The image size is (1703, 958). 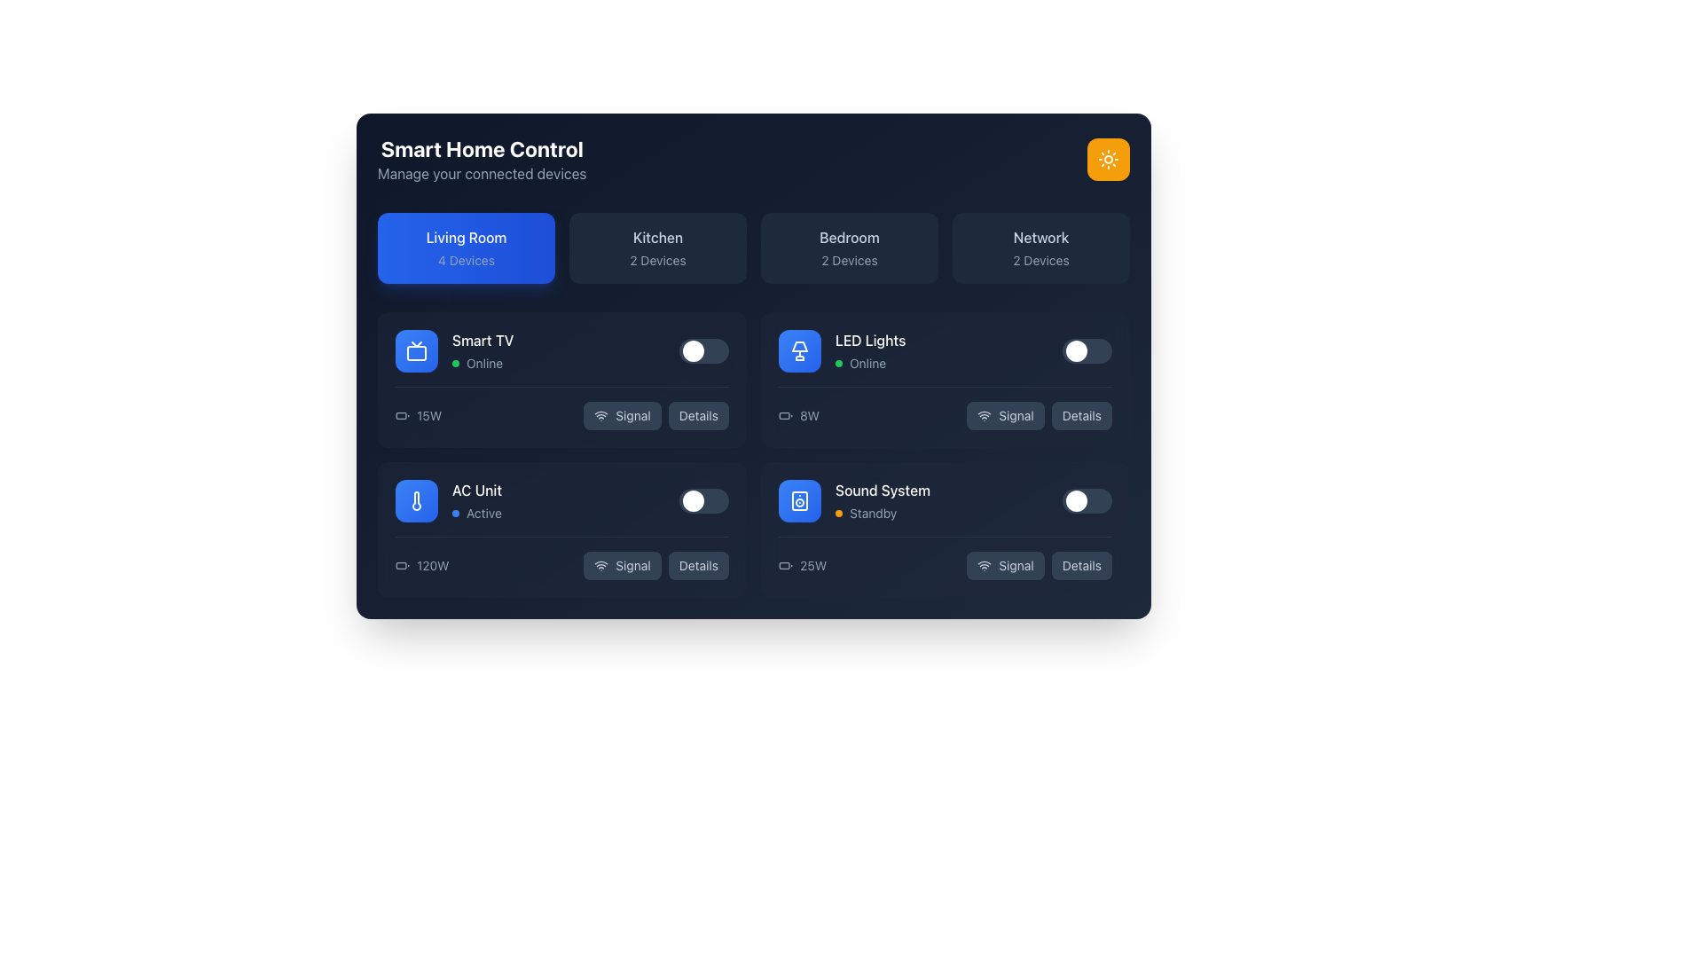 What do you see at coordinates (785, 416) in the screenshot?
I see `the minimalist battery icon located to the left of the '8W' text in the Smart Home Control interface` at bounding box center [785, 416].